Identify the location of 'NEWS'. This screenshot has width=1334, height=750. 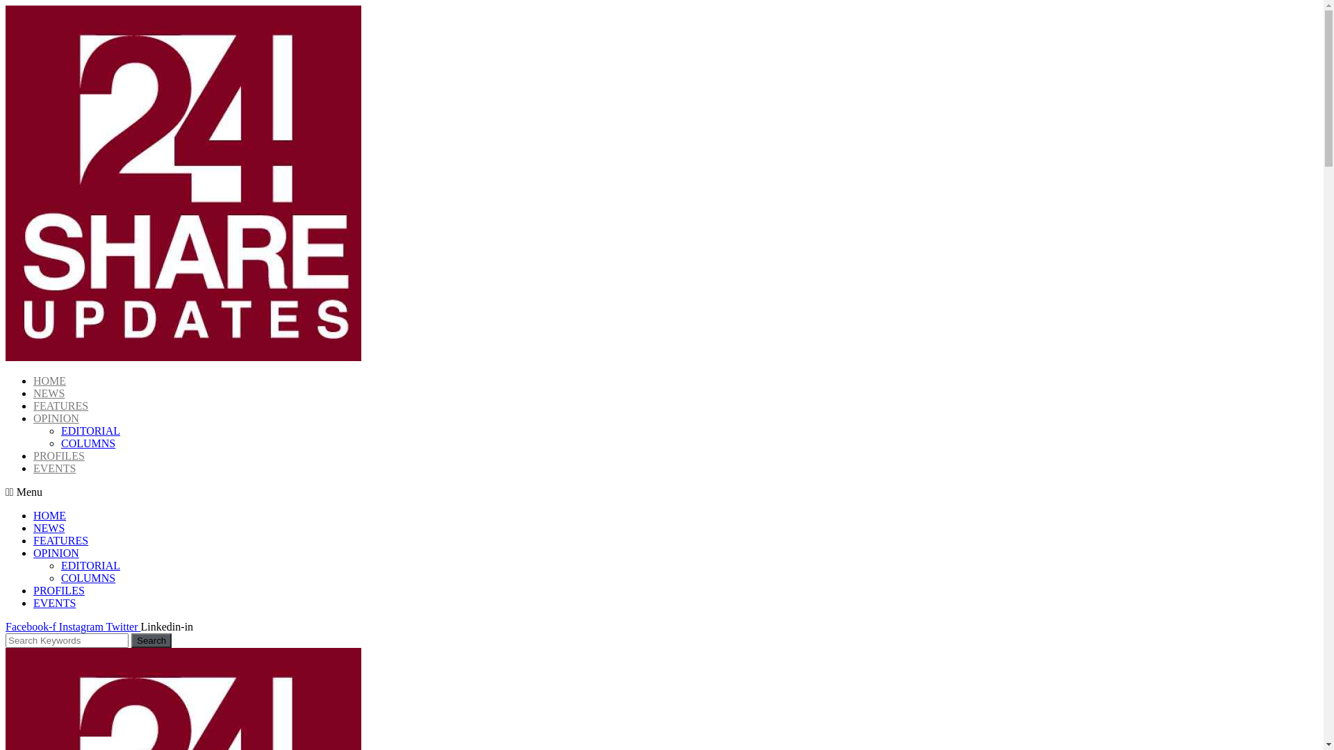
(49, 393).